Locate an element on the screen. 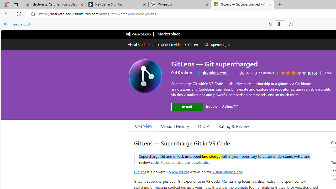  'More from GitKraken publisher' is located at coordinates (182, 72).